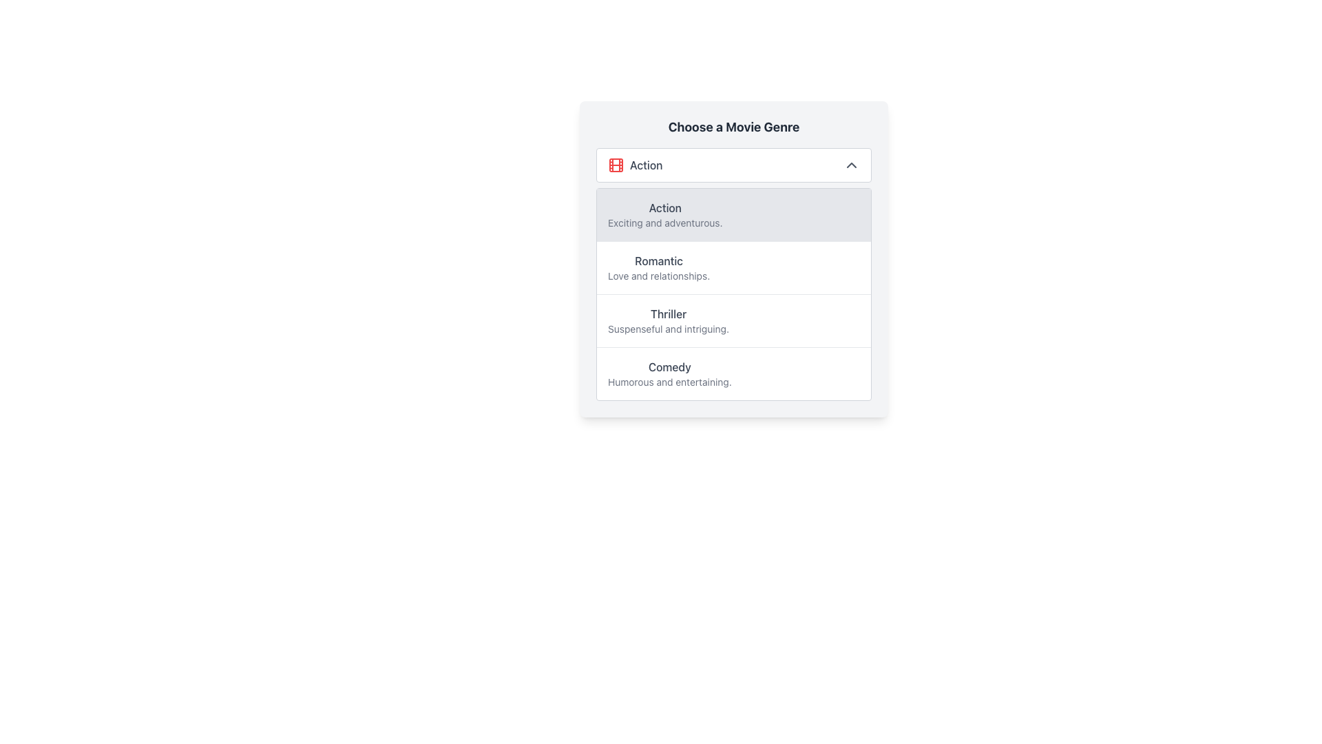 This screenshot has width=1322, height=744. Describe the element at coordinates (658, 268) in the screenshot. I see `the 'Romantic' genre text label, which is the second option in the categorized list of movie genres located under the heading 'Choose a Movie Genre'` at that location.